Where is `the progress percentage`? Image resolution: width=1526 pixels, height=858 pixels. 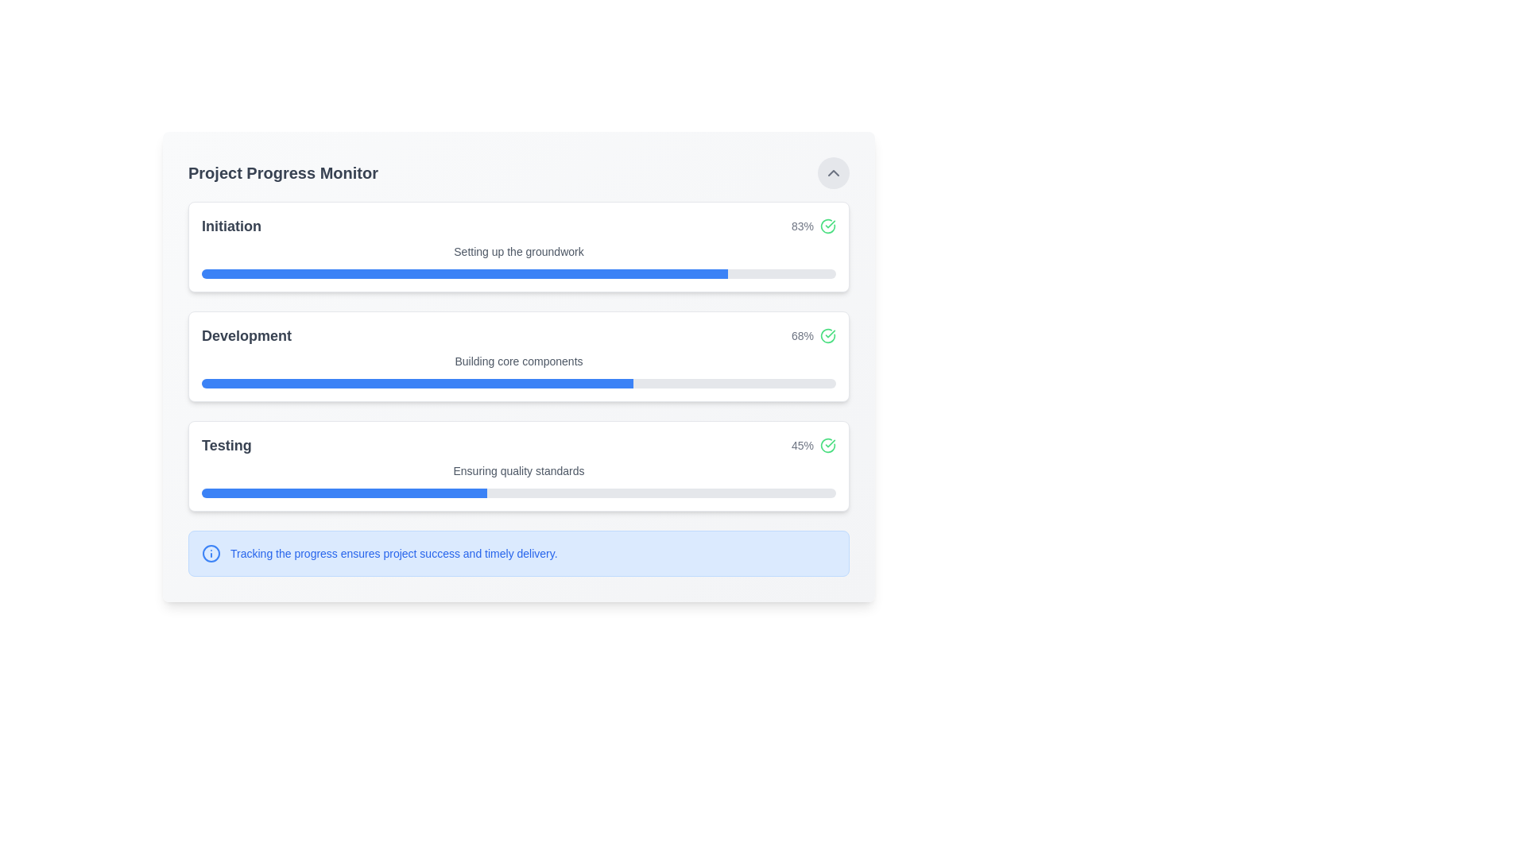 the progress percentage is located at coordinates (494, 383).